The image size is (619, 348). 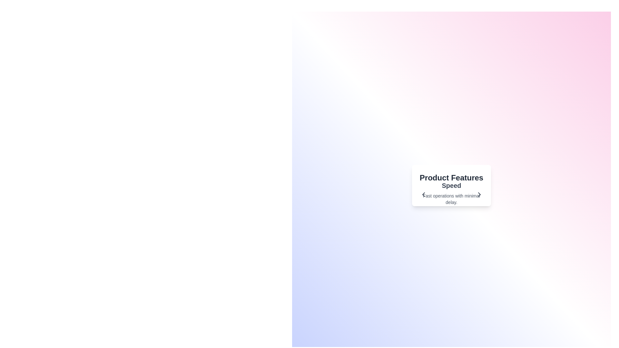 What do you see at coordinates (423, 194) in the screenshot?
I see `the leftward-pointing gray chevron navigation icon` at bounding box center [423, 194].